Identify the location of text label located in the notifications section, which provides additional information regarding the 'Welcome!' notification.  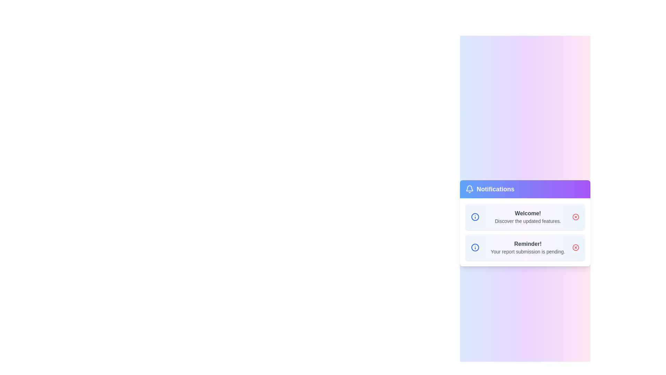
(527, 221).